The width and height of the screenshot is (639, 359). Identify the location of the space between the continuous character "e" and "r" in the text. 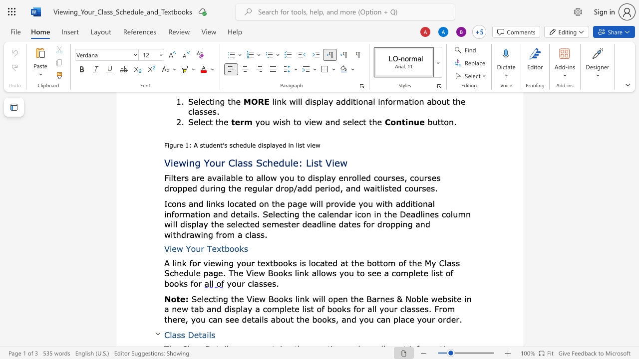
(295, 223).